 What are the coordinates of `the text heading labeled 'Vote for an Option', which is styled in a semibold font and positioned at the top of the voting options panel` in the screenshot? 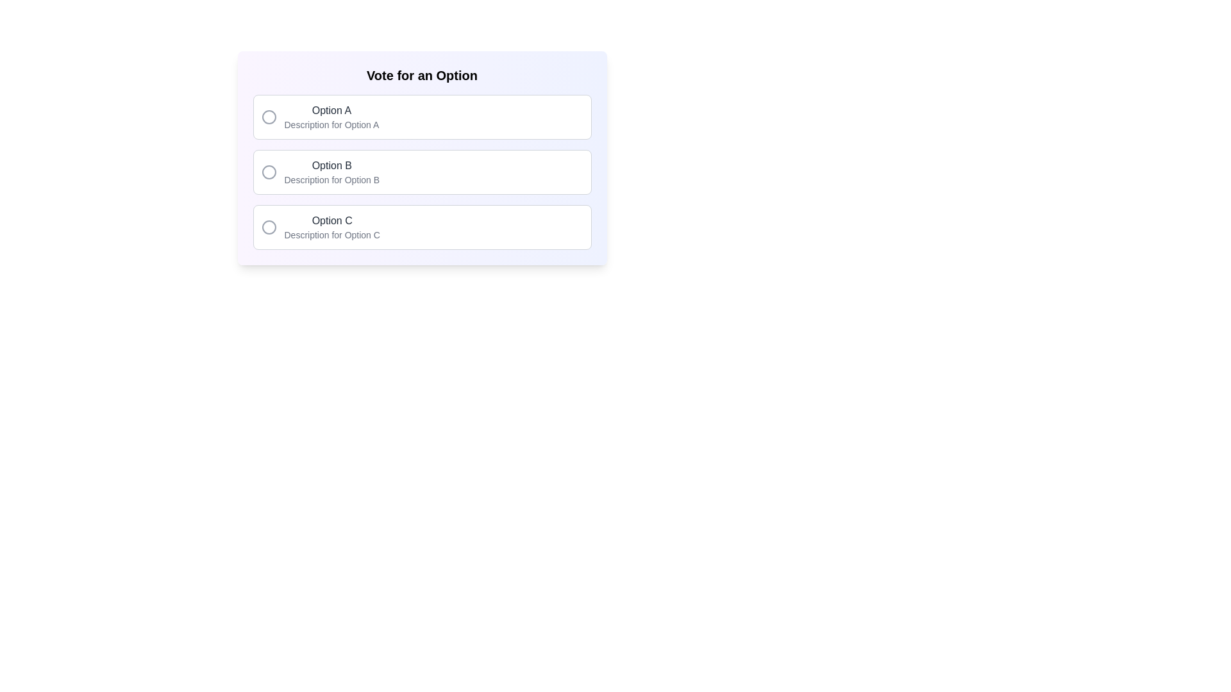 It's located at (422, 76).